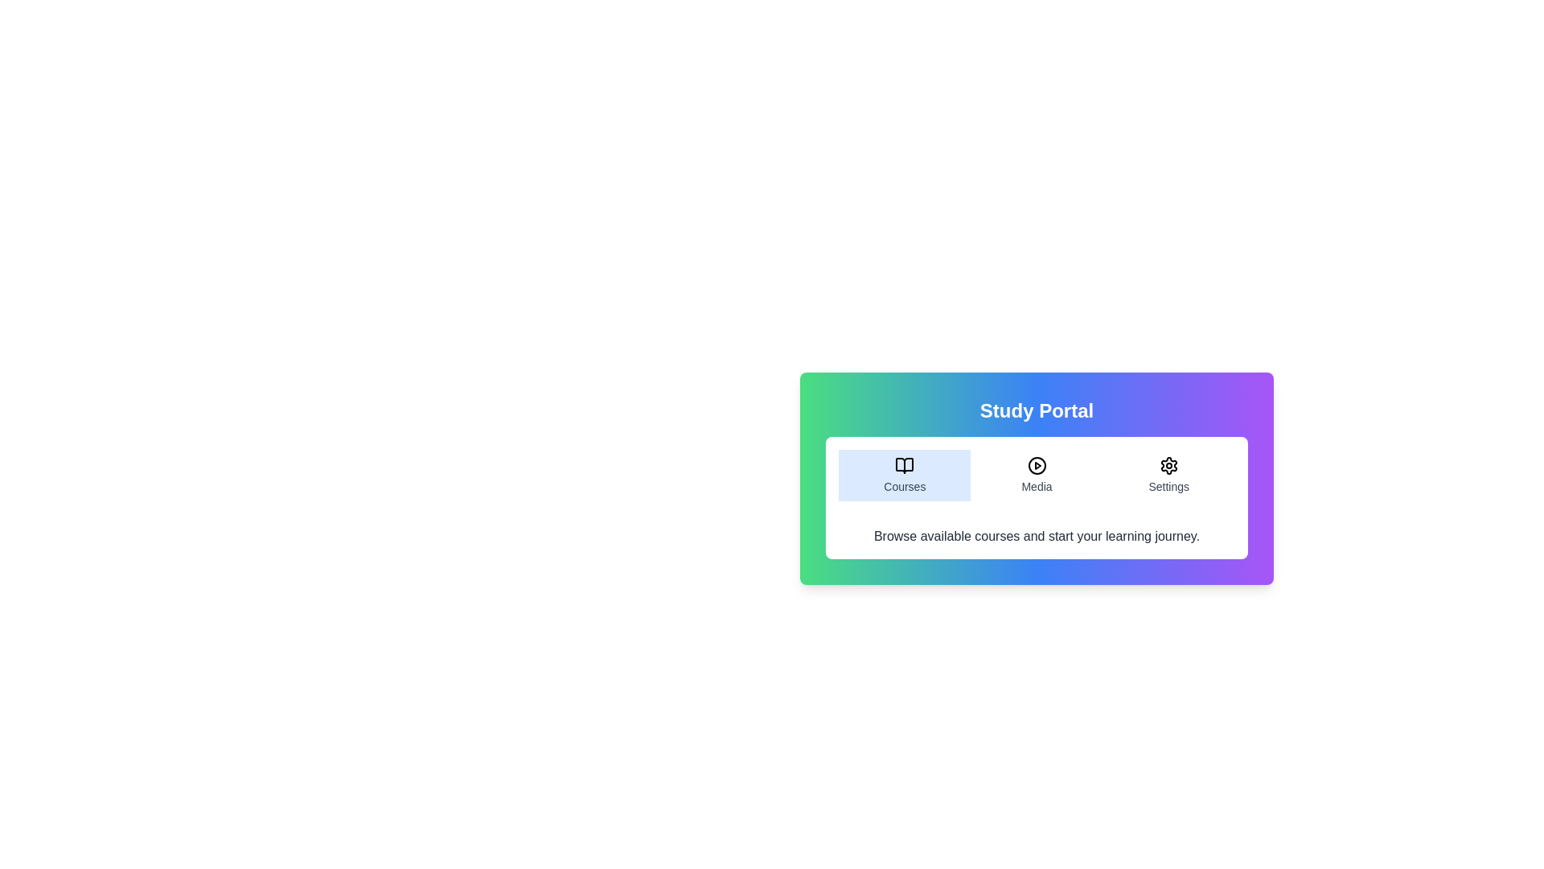 The image size is (1544, 869). Describe the element at coordinates (1168, 474) in the screenshot. I see `the Settings tab to read its content` at that location.